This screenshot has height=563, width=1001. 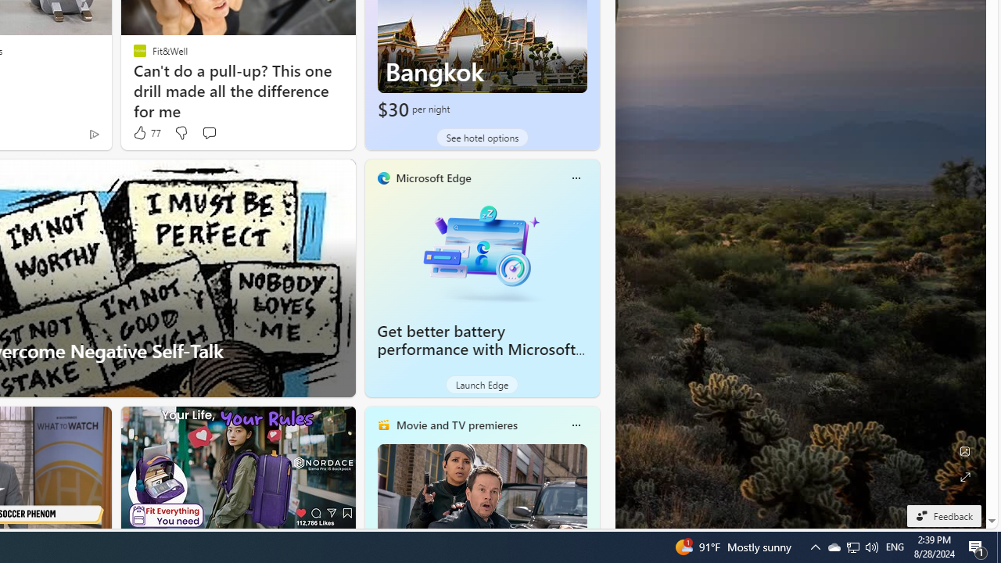 What do you see at coordinates (145, 132) in the screenshot?
I see `'77 Like'` at bounding box center [145, 132].